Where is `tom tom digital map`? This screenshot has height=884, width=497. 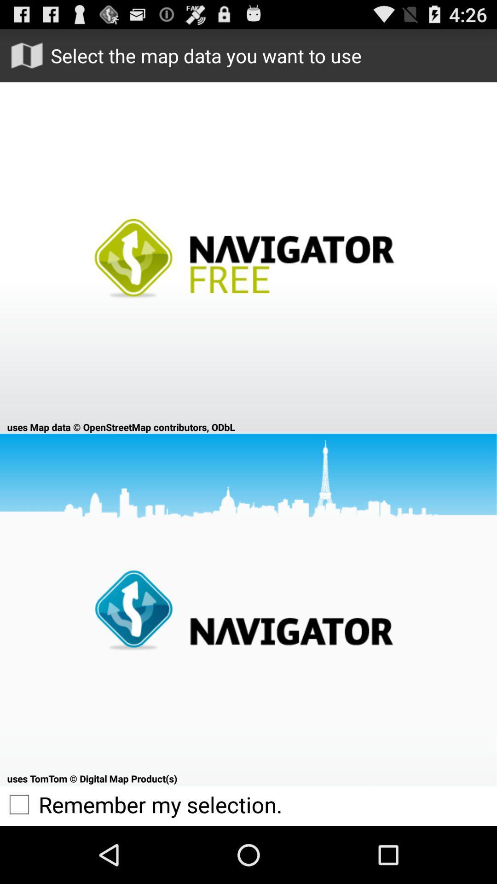 tom tom digital map is located at coordinates (248, 610).